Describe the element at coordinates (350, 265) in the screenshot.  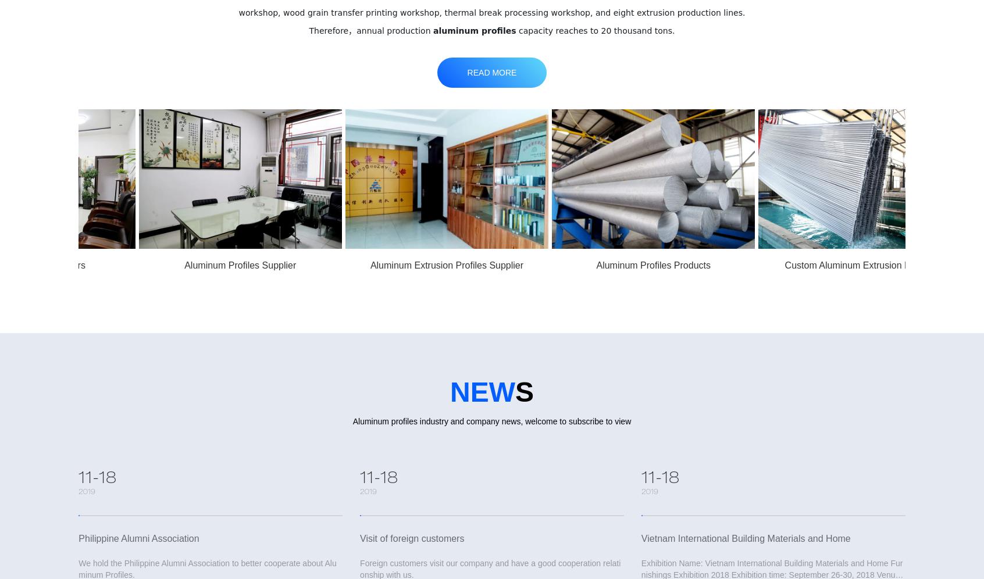
I see `'Aluminum Extrusion Profiles Supplier'` at that location.